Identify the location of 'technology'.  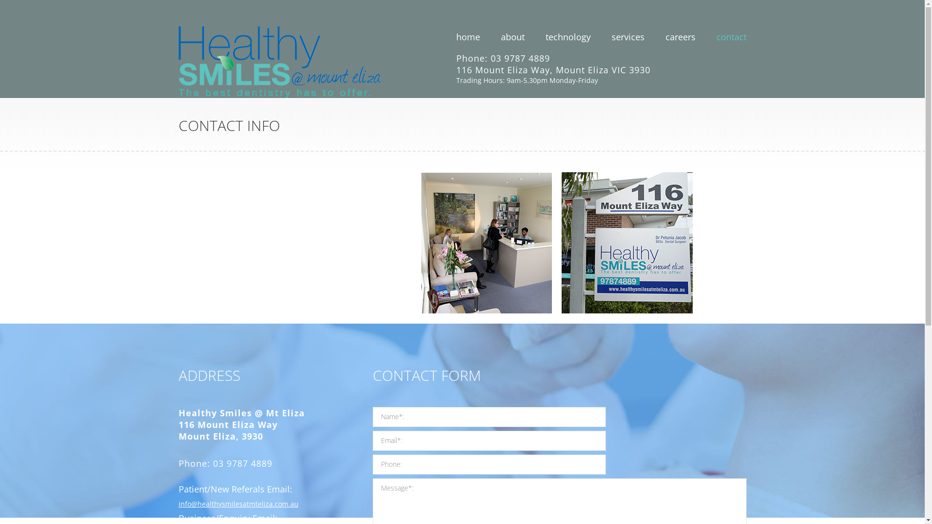
(568, 36).